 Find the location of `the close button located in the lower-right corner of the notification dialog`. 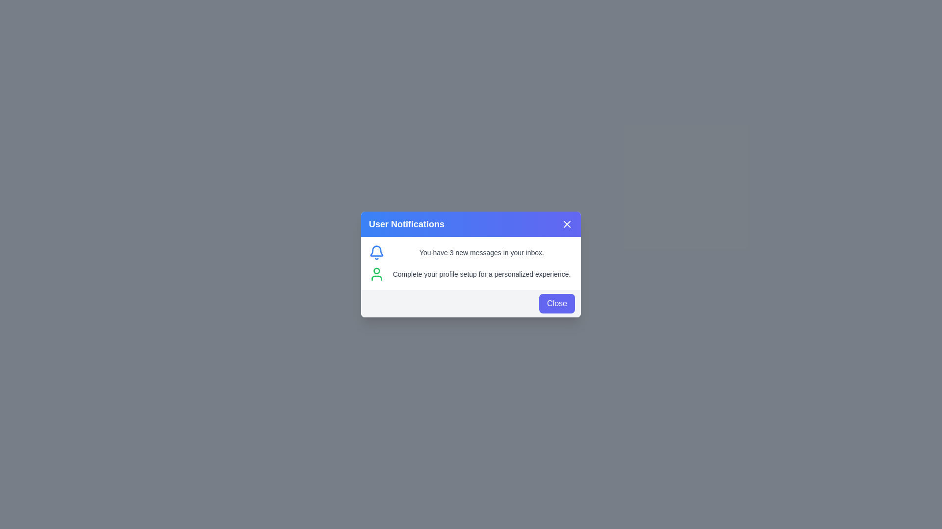

the close button located in the lower-right corner of the notification dialog is located at coordinates (557, 303).